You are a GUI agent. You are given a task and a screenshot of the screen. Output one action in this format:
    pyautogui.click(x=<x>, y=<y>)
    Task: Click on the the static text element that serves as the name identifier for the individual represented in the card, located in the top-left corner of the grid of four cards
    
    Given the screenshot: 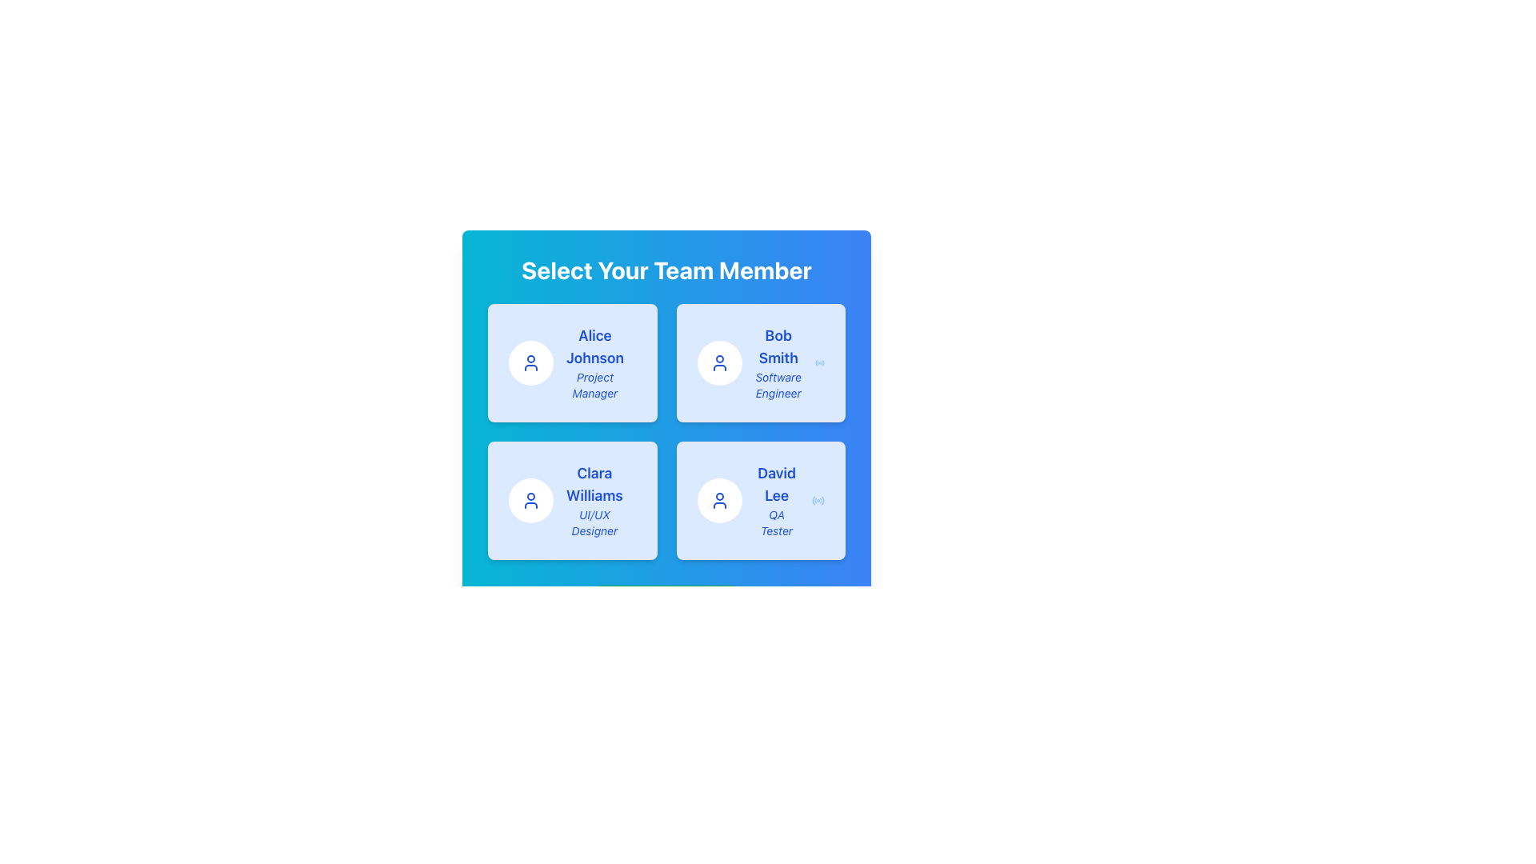 What is the action you would take?
    pyautogui.click(x=594, y=346)
    